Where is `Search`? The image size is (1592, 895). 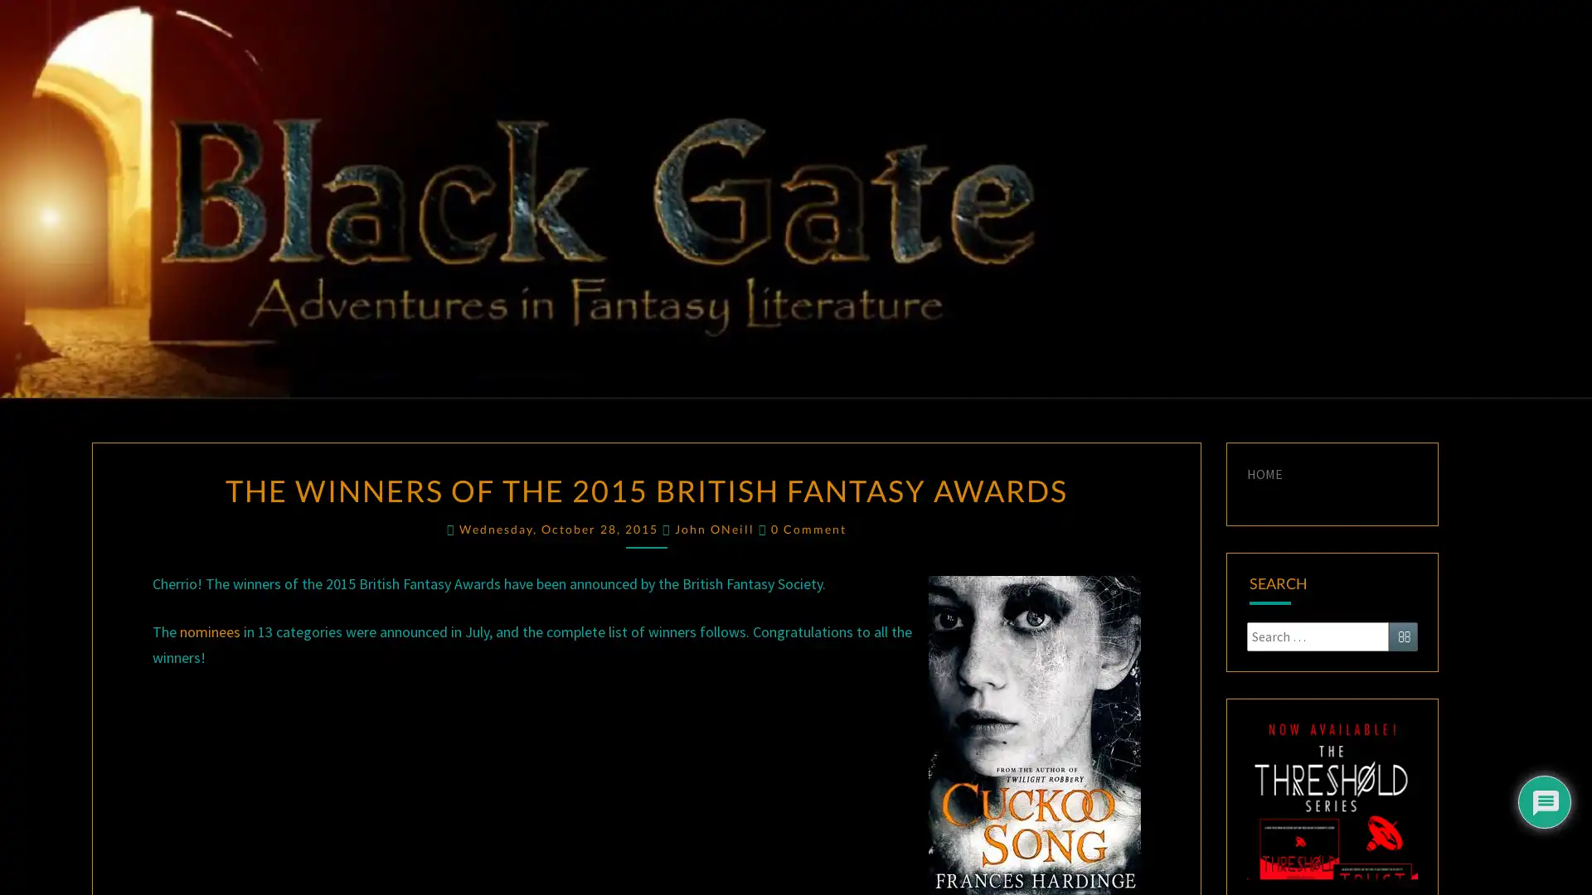
Search is located at coordinates (1402, 635).